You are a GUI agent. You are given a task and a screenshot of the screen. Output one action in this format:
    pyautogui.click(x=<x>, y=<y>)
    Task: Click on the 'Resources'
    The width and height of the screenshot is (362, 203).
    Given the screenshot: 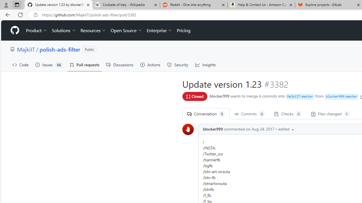 What is the action you would take?
    pyautogui.click(x=93, y=30)
    